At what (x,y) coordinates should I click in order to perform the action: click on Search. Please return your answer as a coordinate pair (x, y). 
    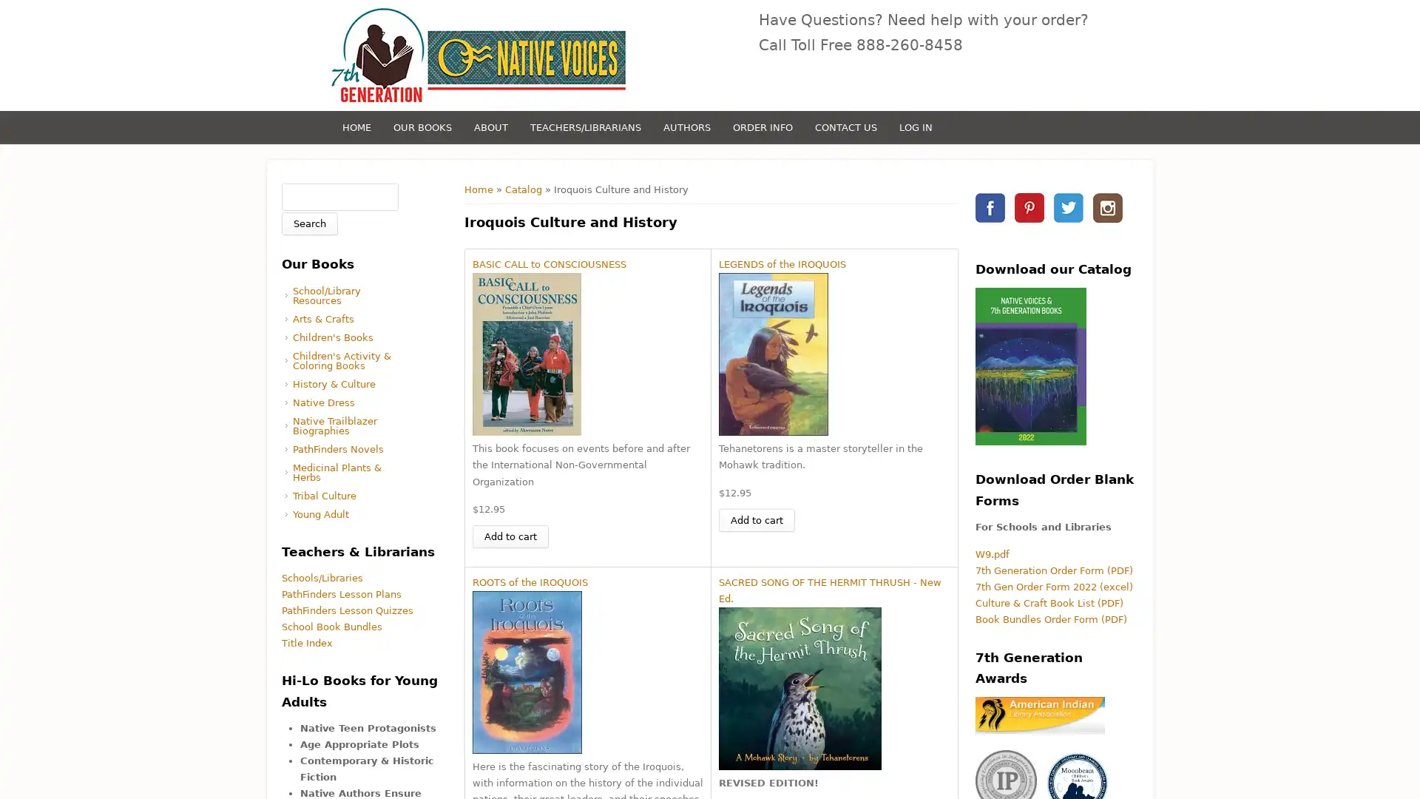
    Looking at the image, I should click on (308, 223).